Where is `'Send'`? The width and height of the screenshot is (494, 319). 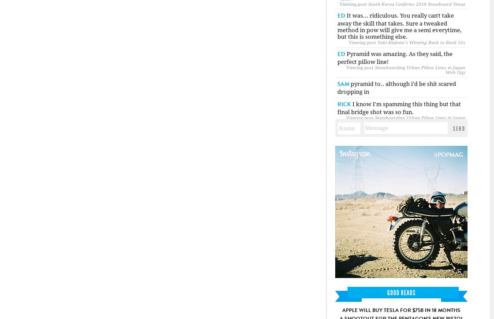
'Send' is located at coordinates (459, 128).